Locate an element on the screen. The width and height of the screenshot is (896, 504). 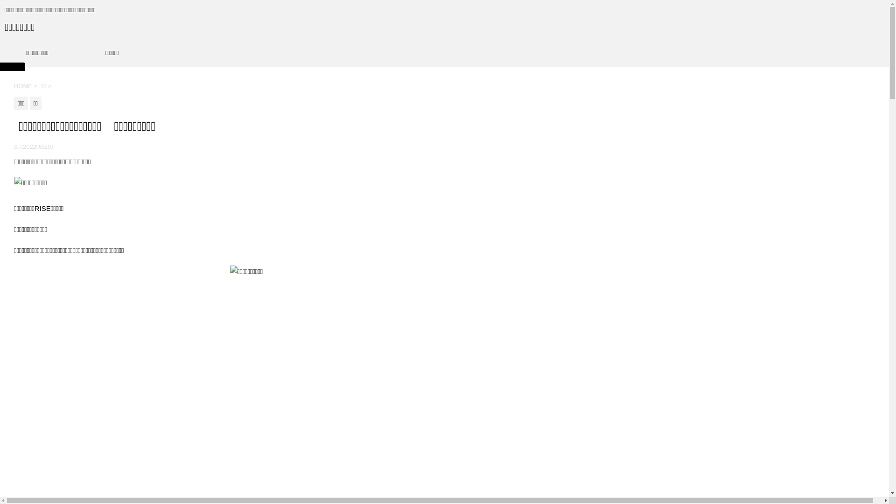
'HOME' is located at coordinates (23, 86).